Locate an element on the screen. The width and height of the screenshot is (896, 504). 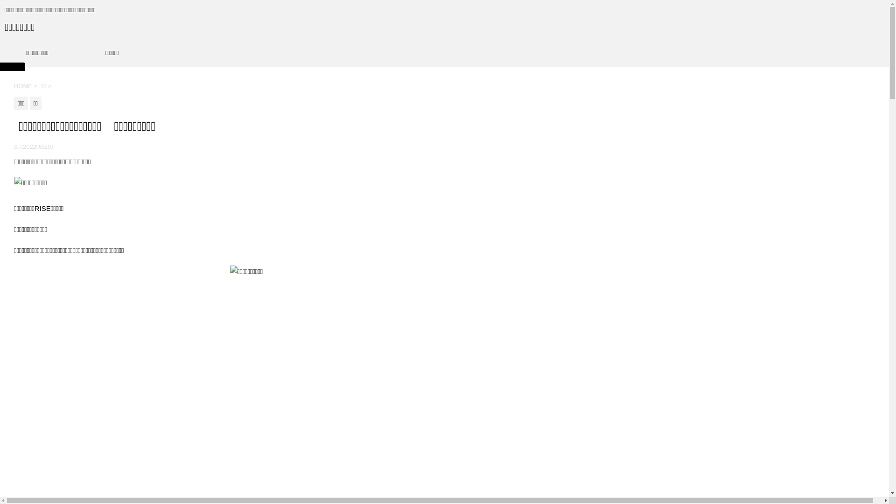
'HOME' is located at coordinates (23, 86).